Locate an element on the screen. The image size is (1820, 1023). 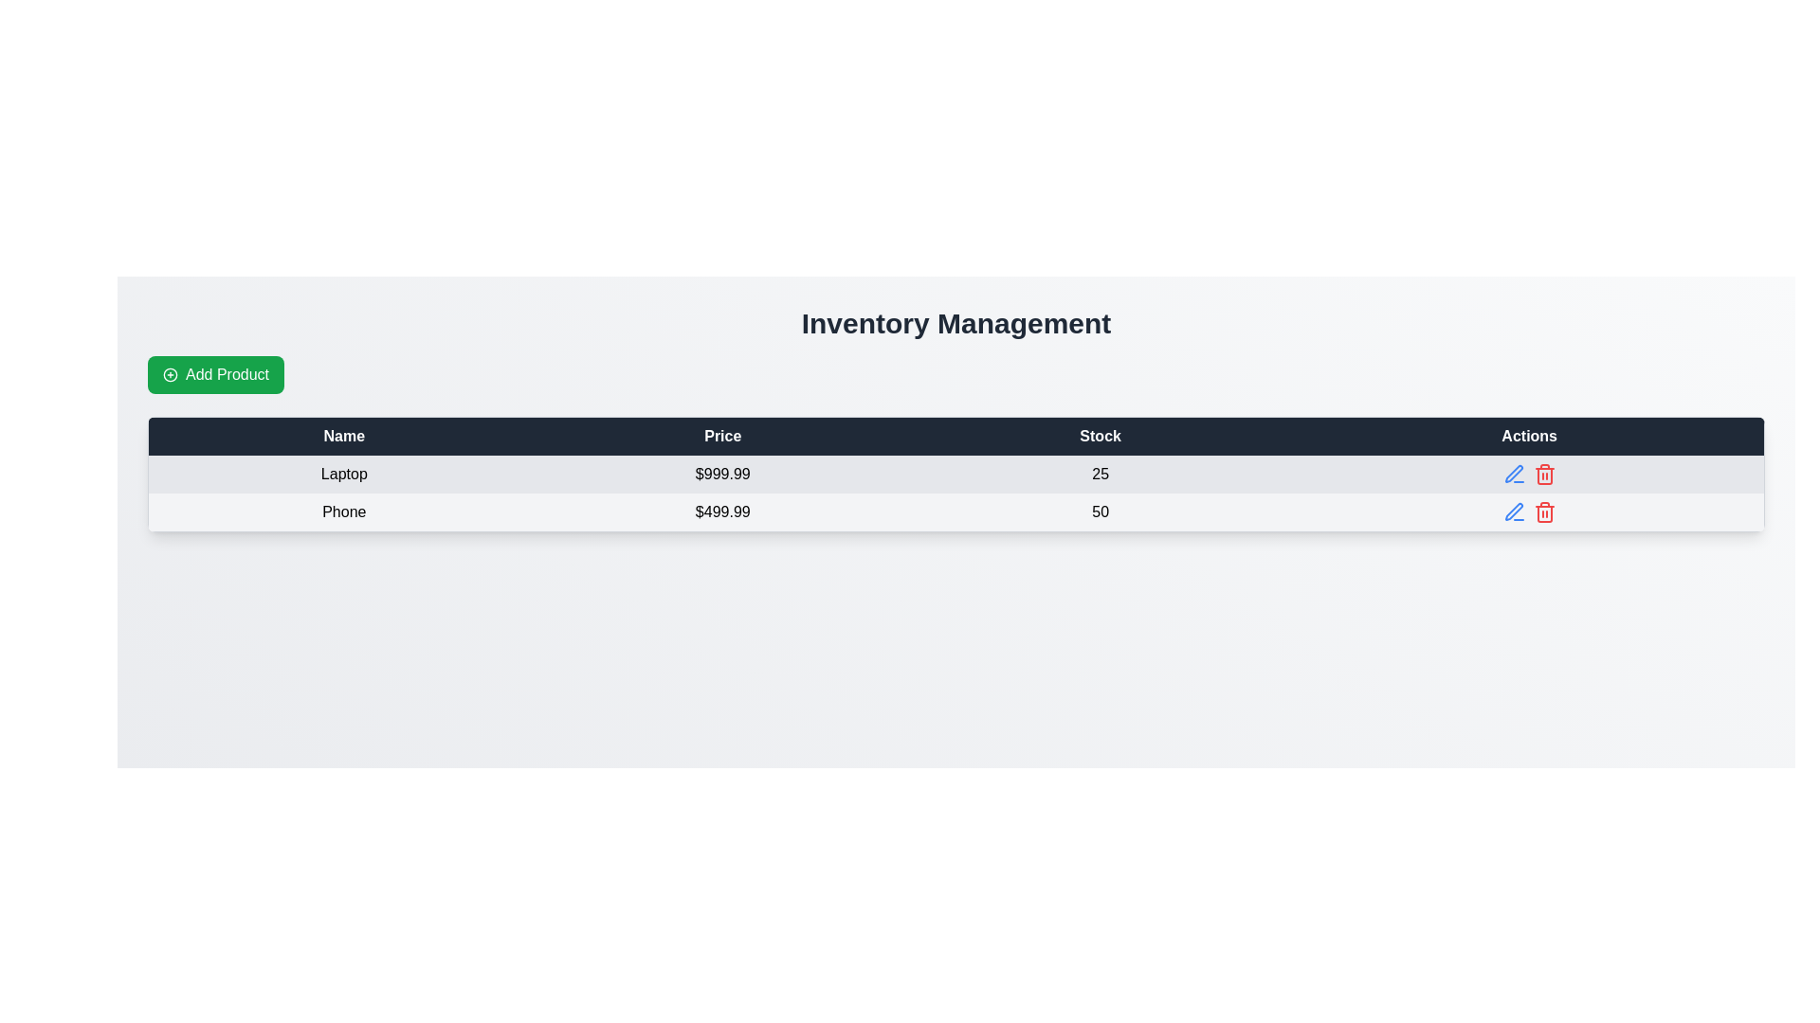
the first row of the 'Inventory Management' table that displays information about the product 'Laptop', including its price of $999.99 and stock count of 25 is located at coordinates (955, 474).